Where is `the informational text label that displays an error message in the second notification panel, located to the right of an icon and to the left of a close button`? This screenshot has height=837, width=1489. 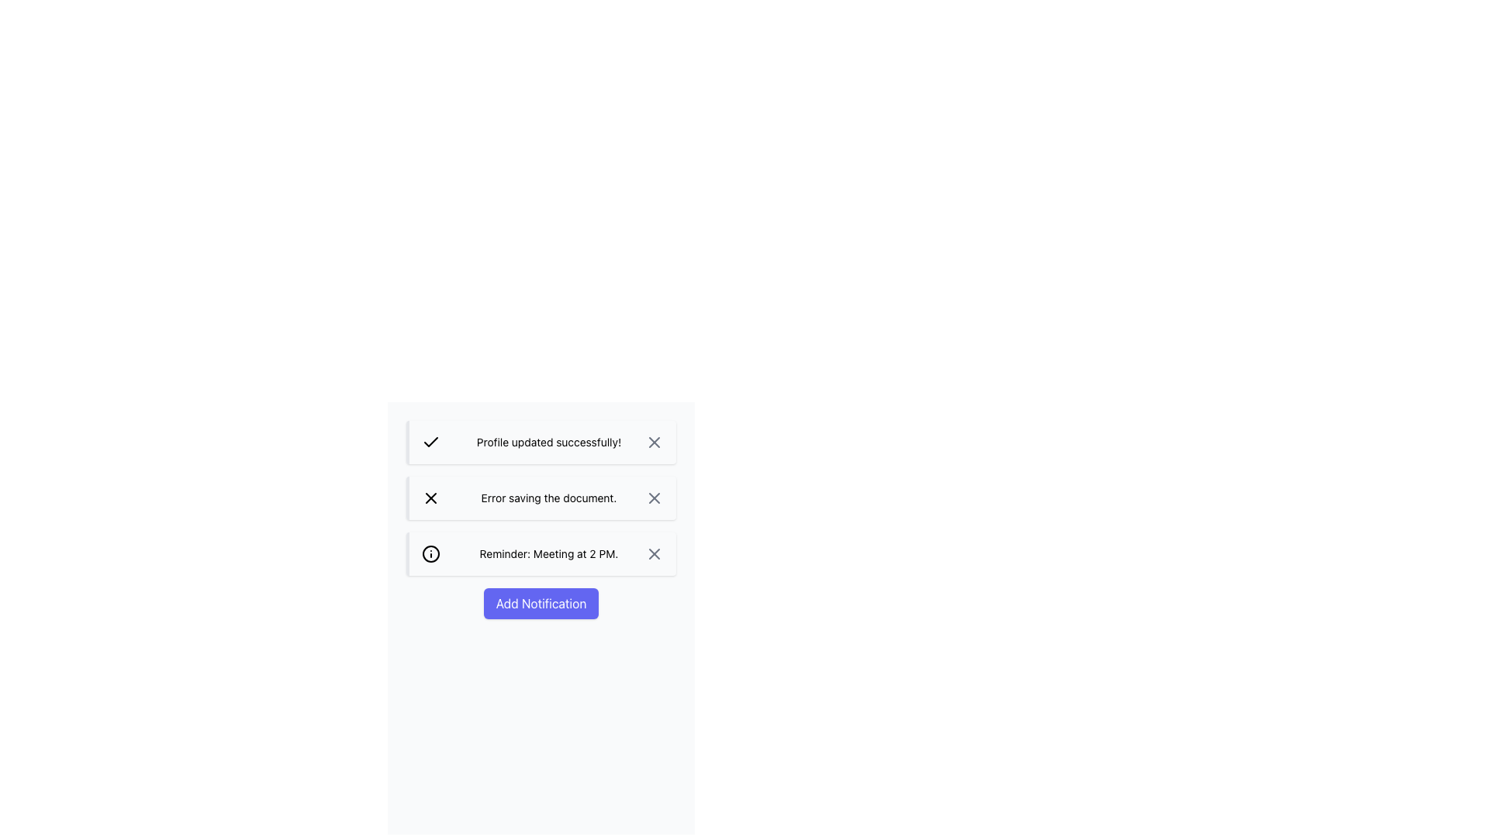 the informational text label that displays an error message in the second notification panel, located to the right of an icon and to the left of a close button is located at coordinates (549, 498).